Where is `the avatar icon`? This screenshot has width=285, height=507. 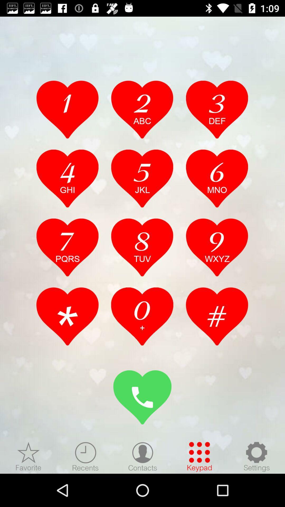 the avatar icon is located at coordinates (142, 456).